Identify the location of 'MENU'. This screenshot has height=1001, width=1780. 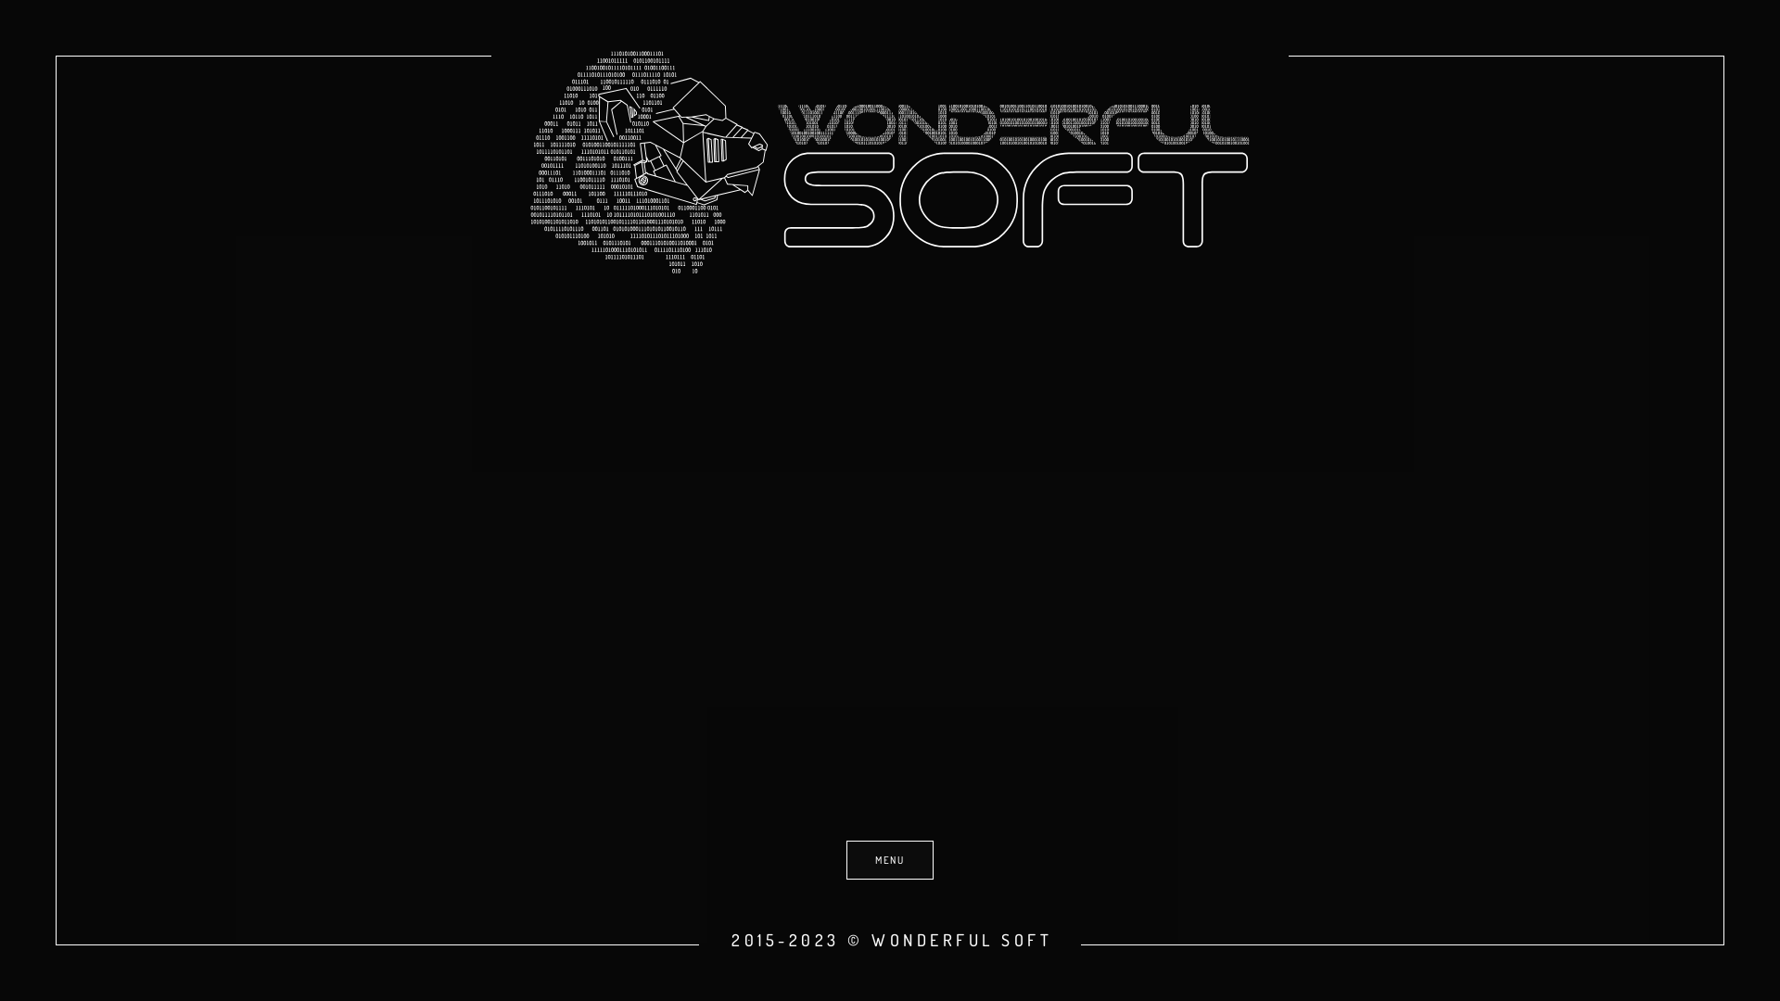
(890, 860).